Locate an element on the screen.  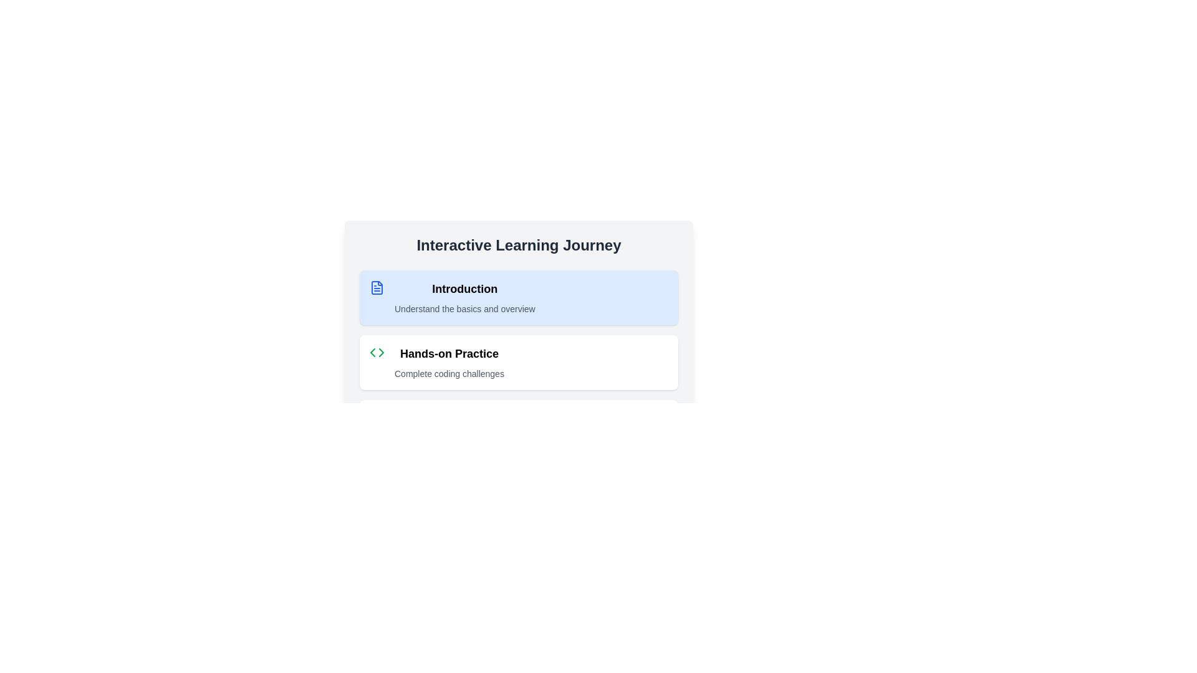
the information displayed in the 'Hands-on Practice' step which is the second step in the interactive learning journey, featuring bold text and green code-like symbols is located at coordinates (519, 365).